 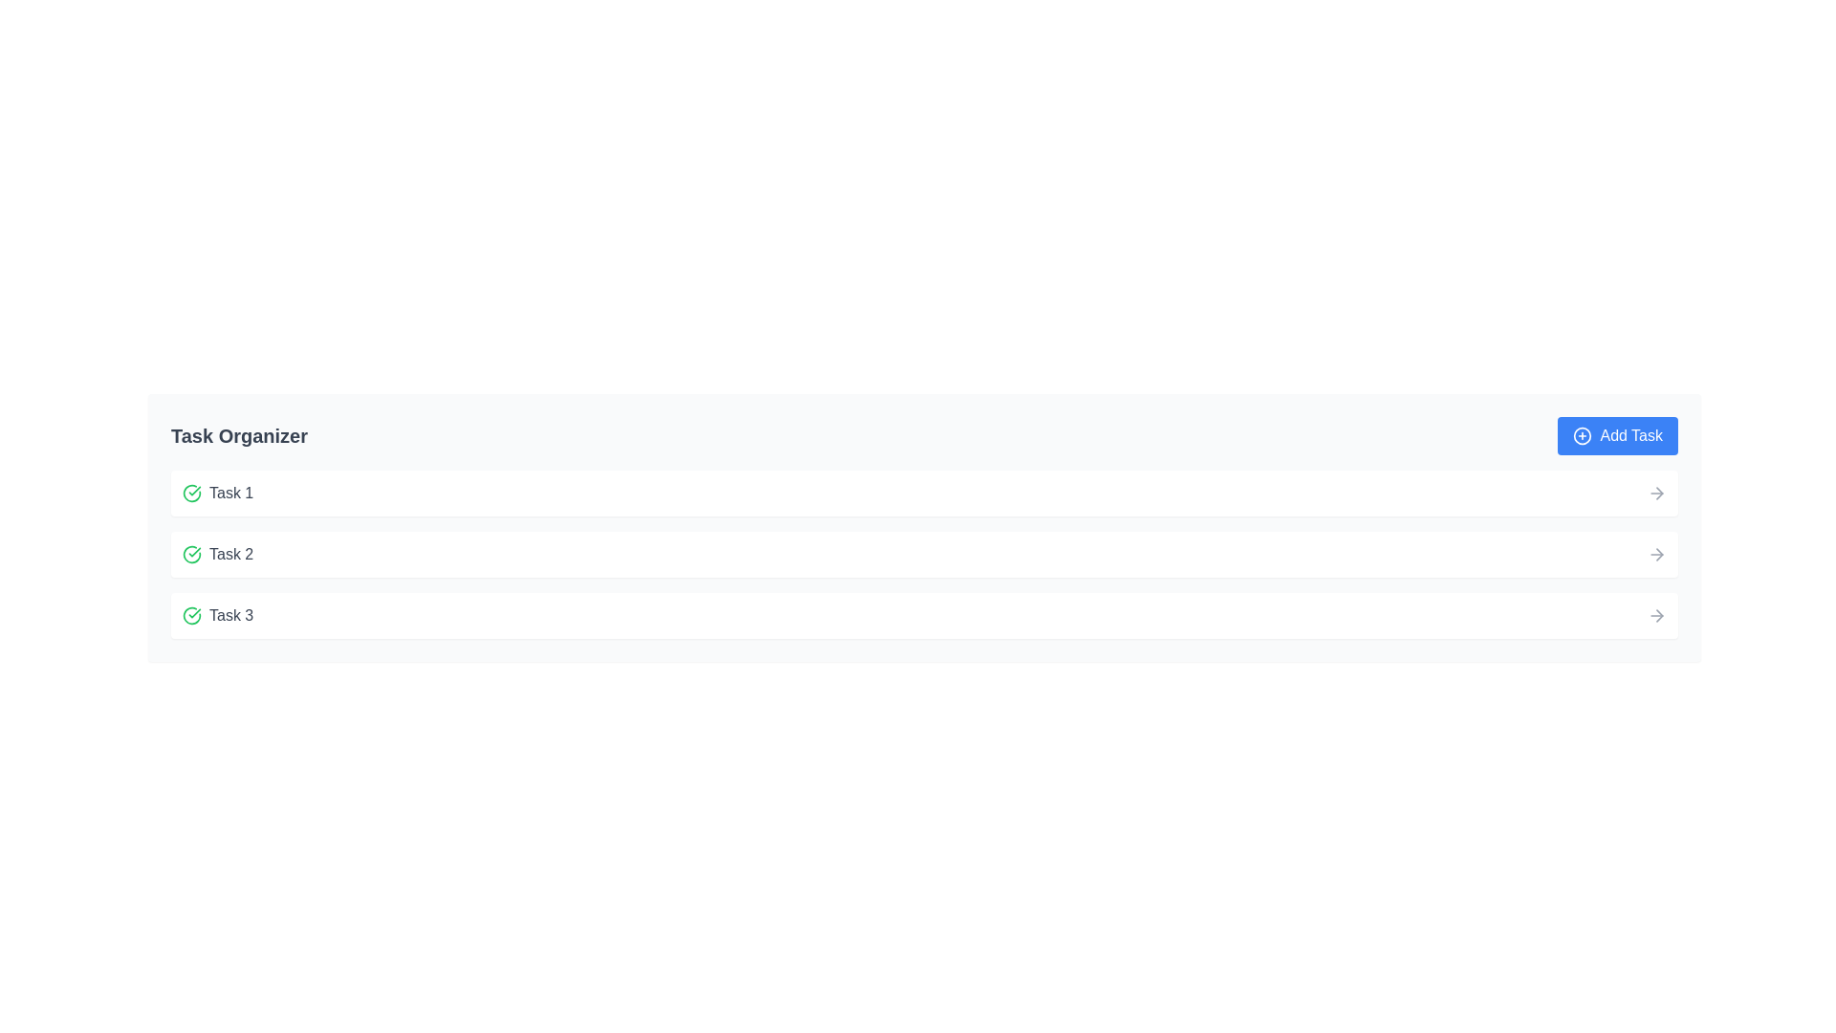 I want to click on the arrow icon located at the far right of 'Task 2', so click(x=1655, y=554).